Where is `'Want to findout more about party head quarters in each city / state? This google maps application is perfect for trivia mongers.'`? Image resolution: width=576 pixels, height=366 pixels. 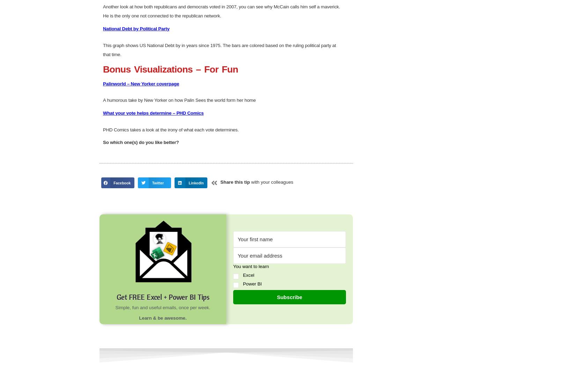 'Want to findout more about party head quarters in each city / state? This google maps application is perfect for trivia mongers.' is located at coordinates (217, 9).